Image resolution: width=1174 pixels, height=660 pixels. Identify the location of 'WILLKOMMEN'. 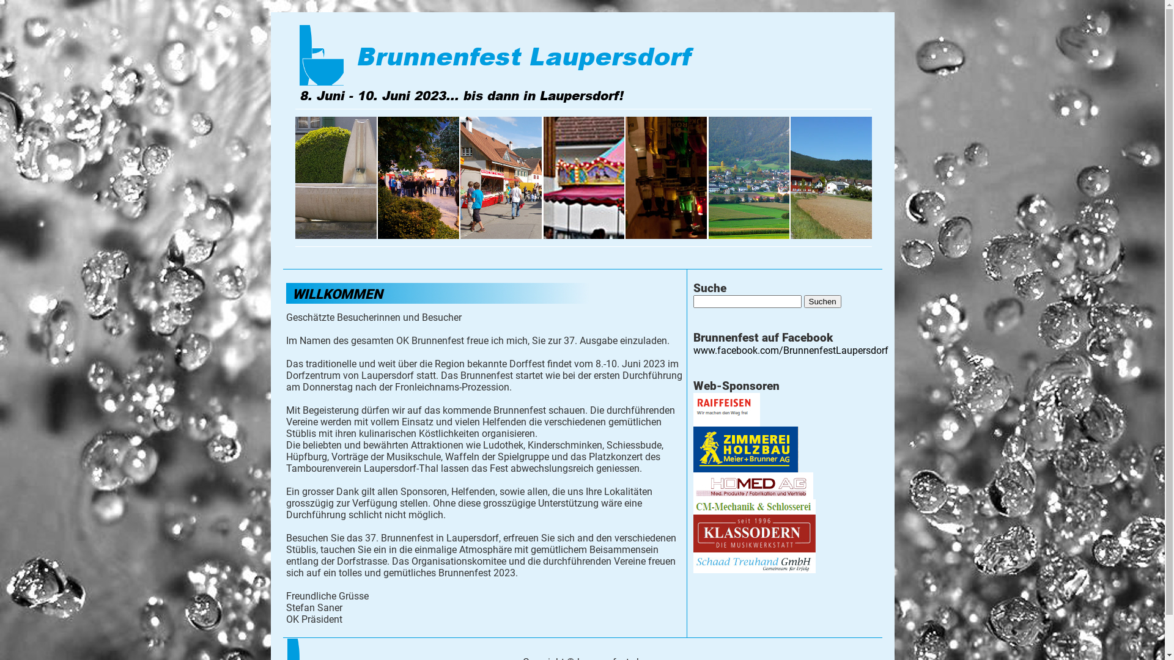
(338, 294).